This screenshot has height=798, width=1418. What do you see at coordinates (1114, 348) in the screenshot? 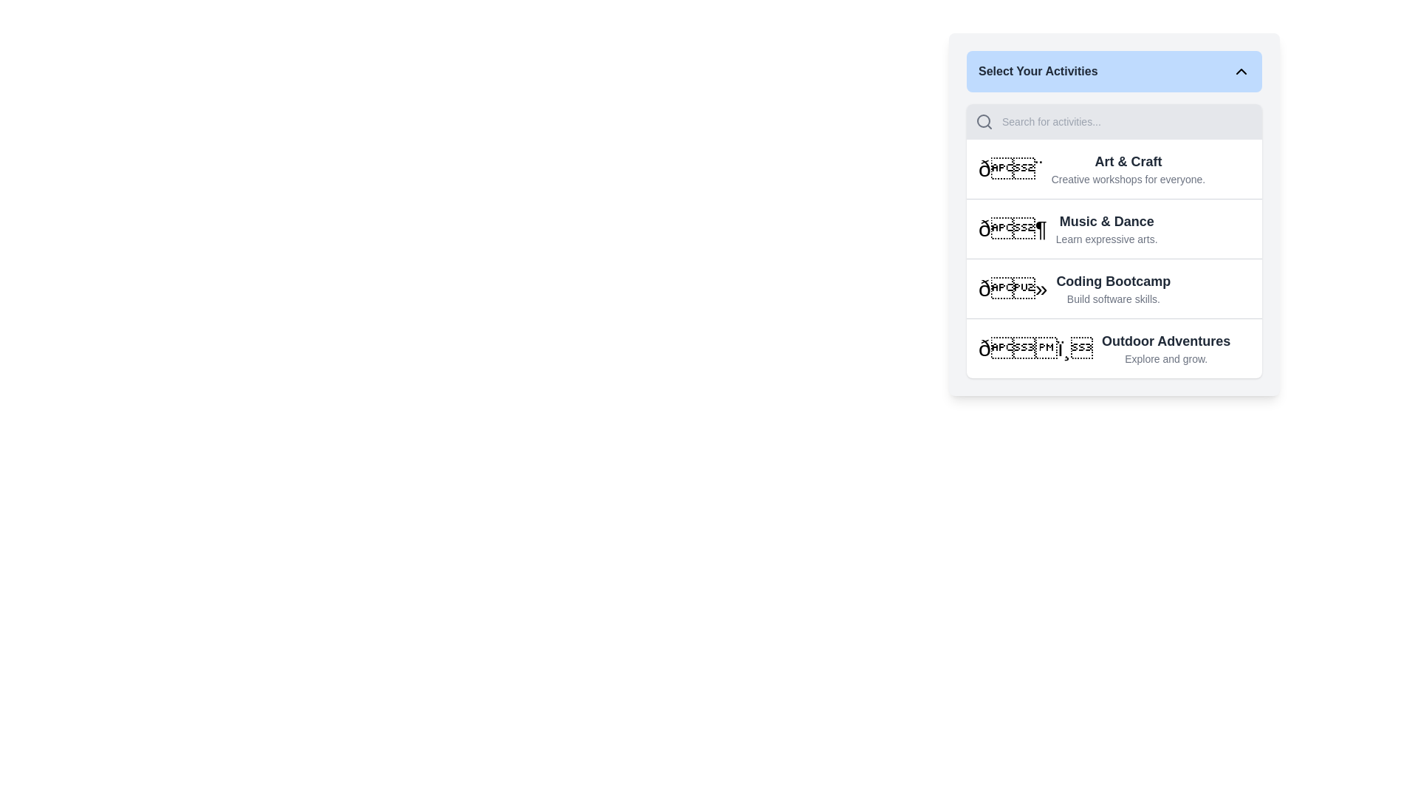
I see `the interactive clickable list item labeled 'Outdoor Adventures' in the sidebar 'Select Your Activities', located just below 'Coding Bootcamp'` at bounding box center [1114, 348].